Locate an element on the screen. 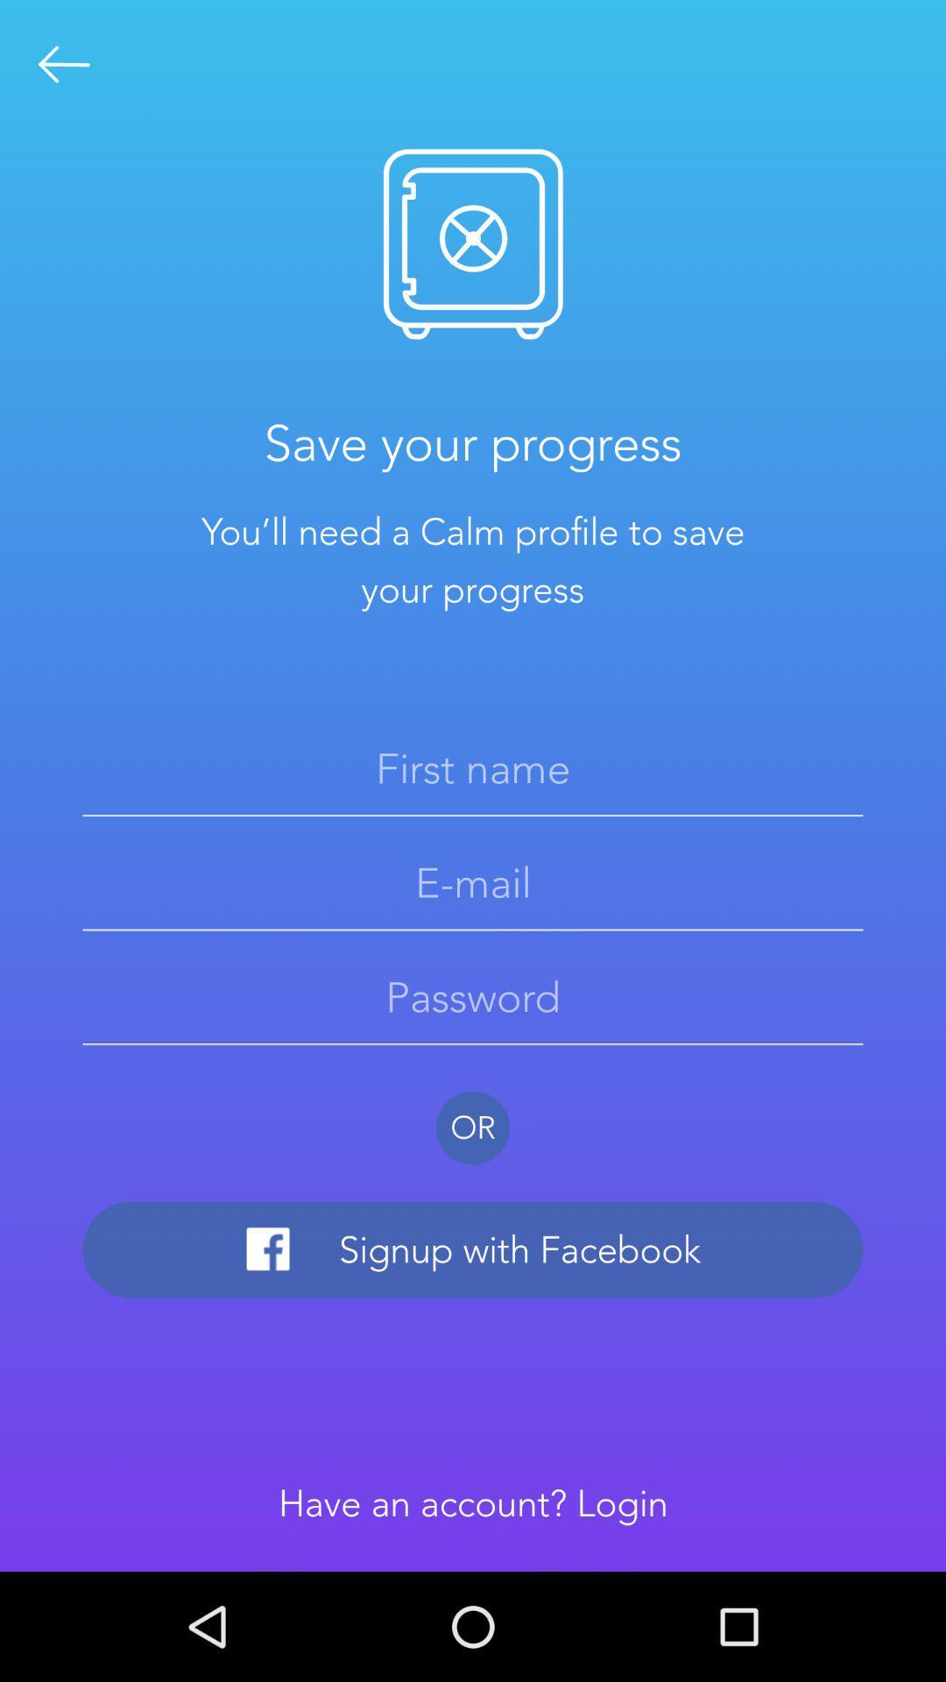  the have an account icon is located at coordinates (473, 1502).